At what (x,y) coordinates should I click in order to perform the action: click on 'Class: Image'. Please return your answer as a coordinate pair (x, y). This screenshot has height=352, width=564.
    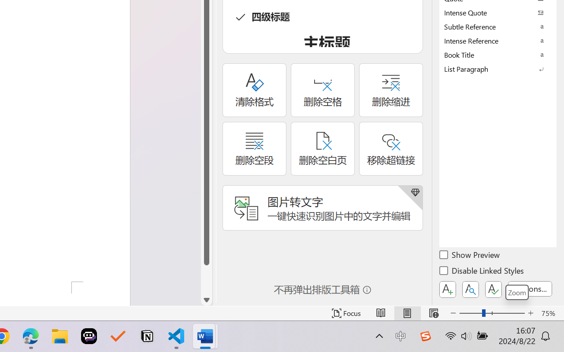
    Looking at the image, I should click on (425, 336).